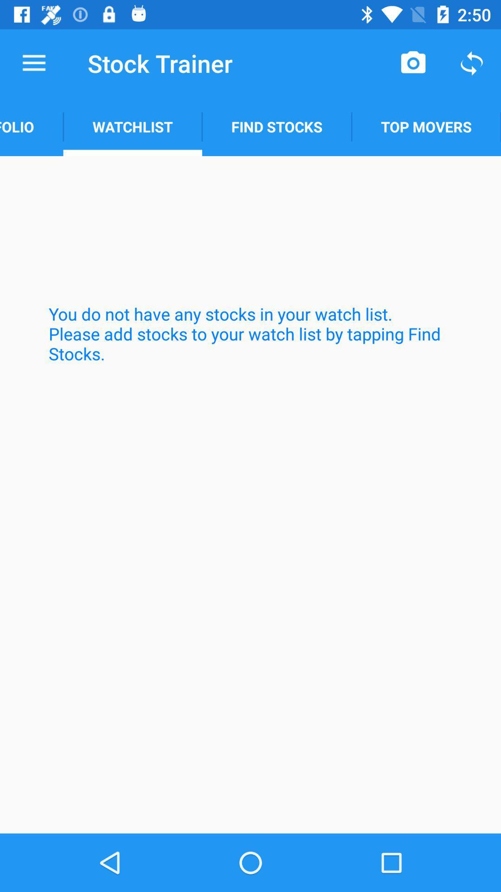 The image size is (501, 892). Describe the element at coordinates (33, 63) in the screenshot. I see `the icon next to the stock trainer` at that location.